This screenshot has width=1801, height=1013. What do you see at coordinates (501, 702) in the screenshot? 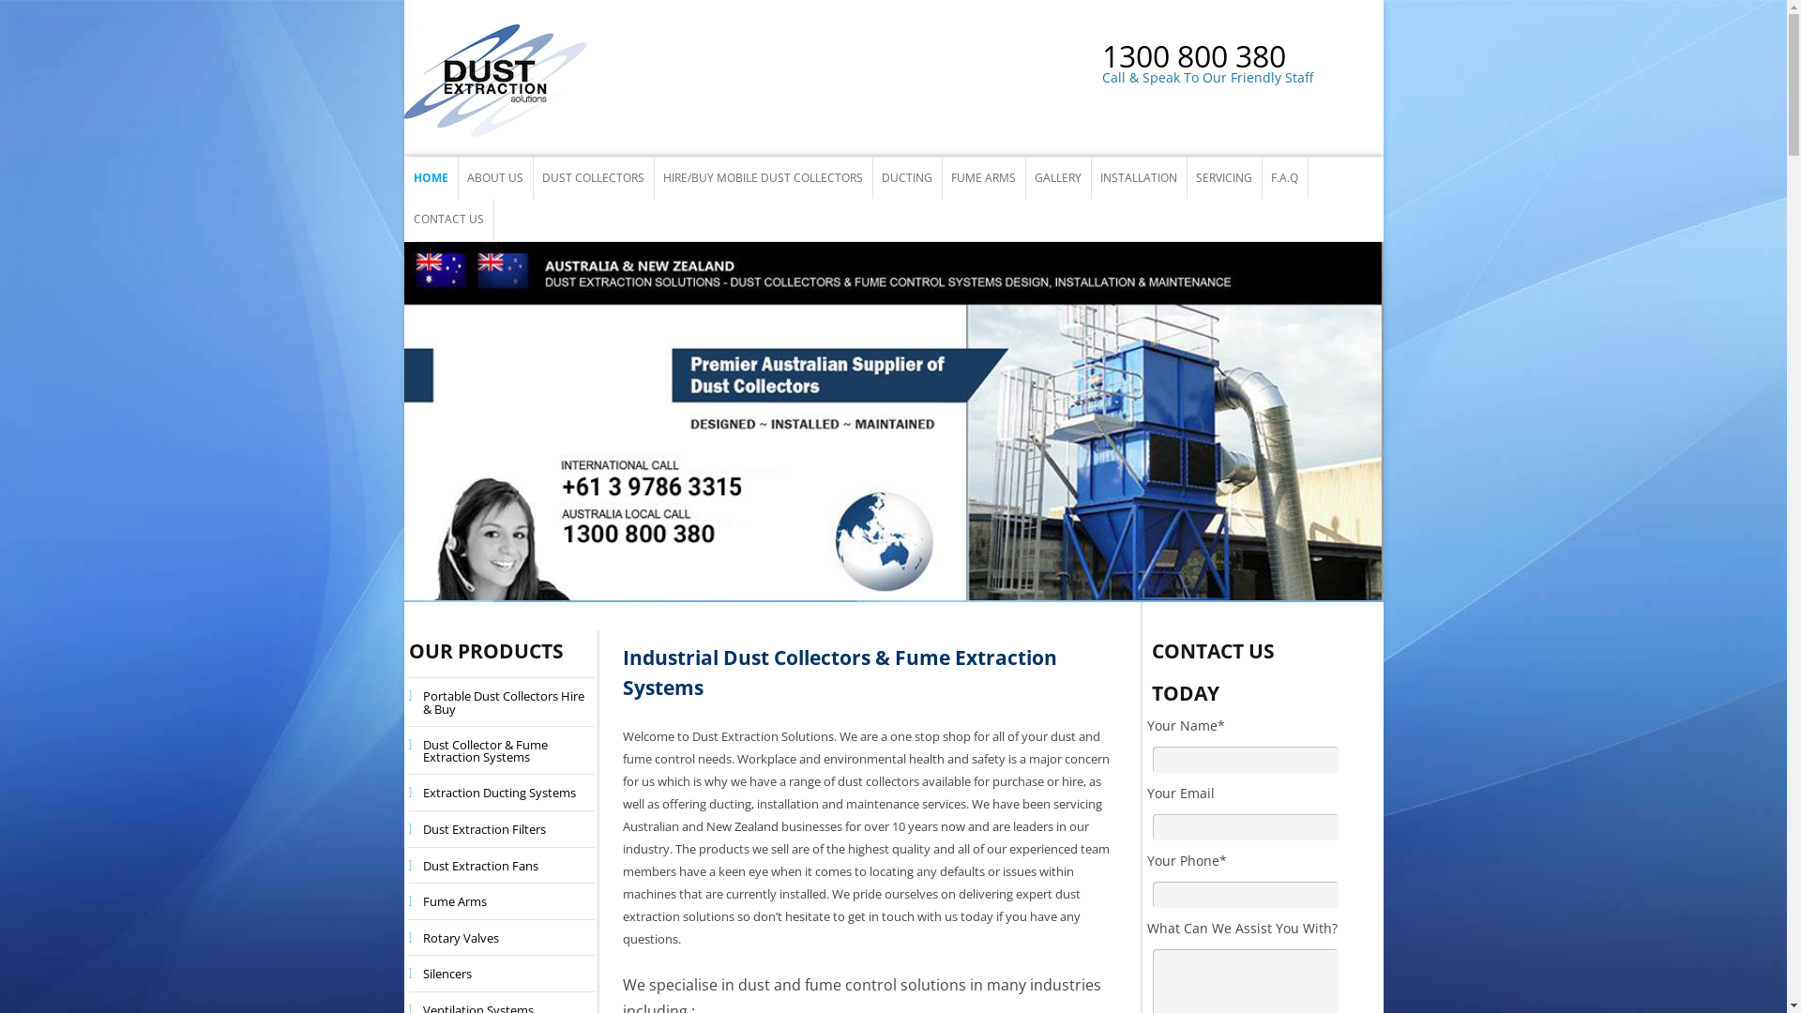
I see `'Portable Dust Collectors Hire & Buy'` at bounding box center [501, 702].